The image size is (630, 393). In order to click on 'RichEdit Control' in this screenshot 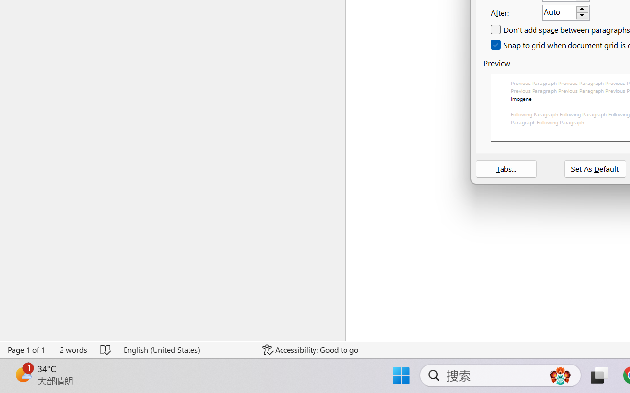, I will do `click(559, 13)`.